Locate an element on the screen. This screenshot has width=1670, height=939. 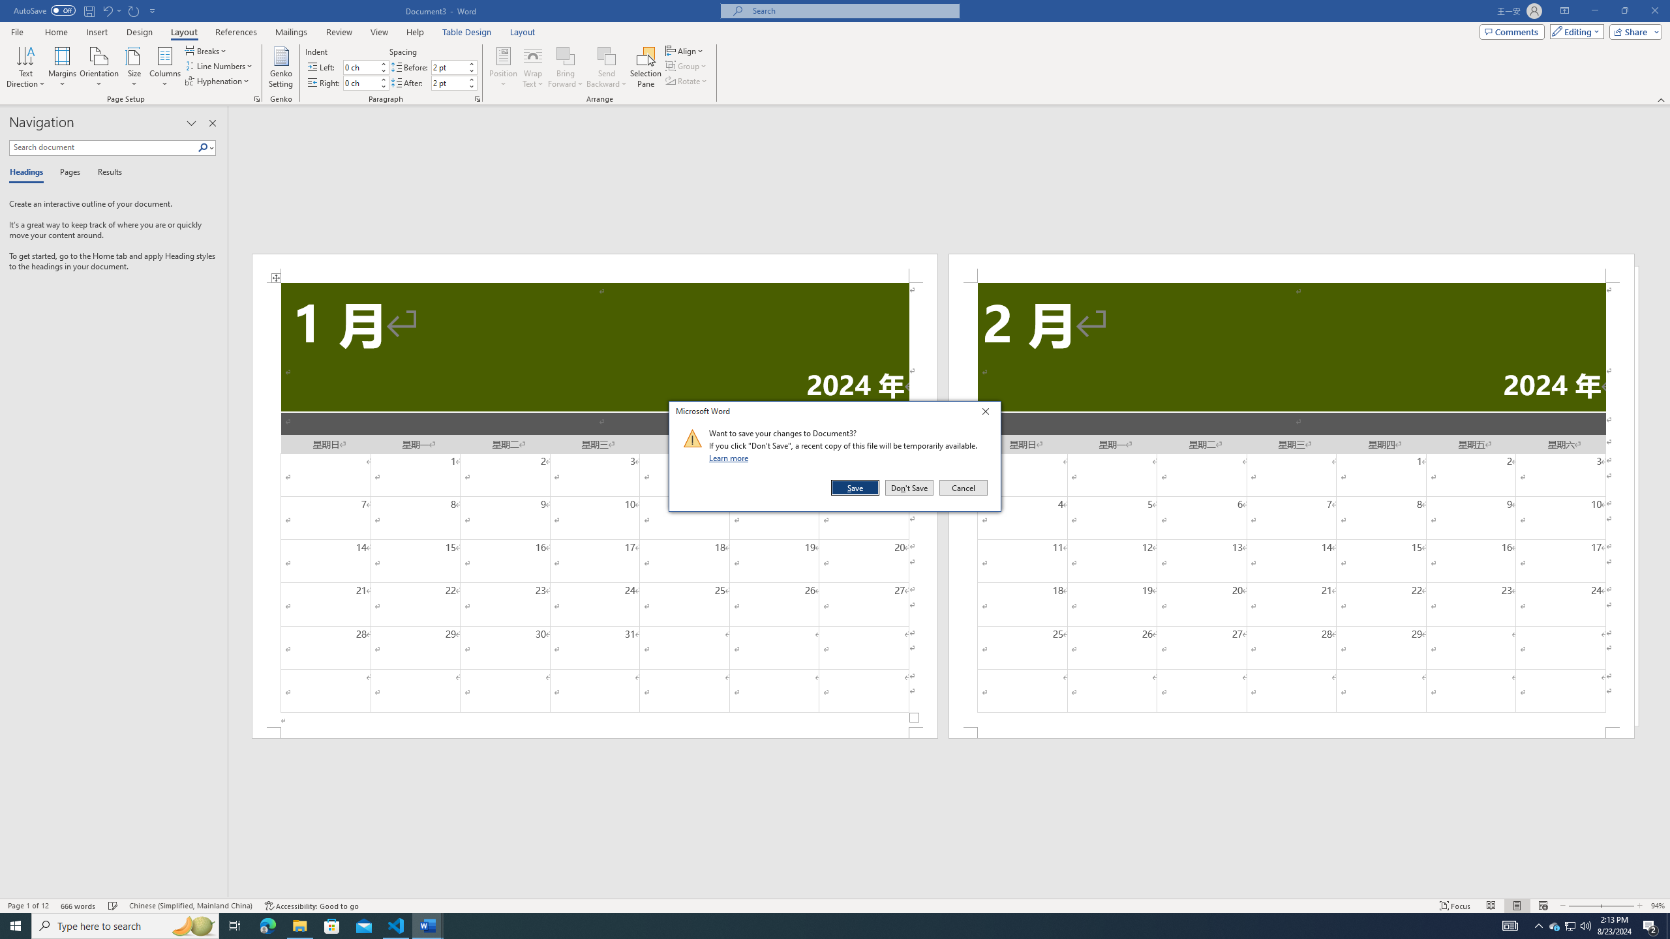
'Spelling and Grammar Check Checking' is located at coordinates (114, 906).